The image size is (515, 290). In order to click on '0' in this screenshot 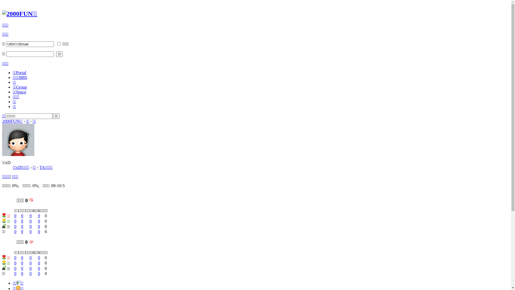, I will do `click(38, 231)`.